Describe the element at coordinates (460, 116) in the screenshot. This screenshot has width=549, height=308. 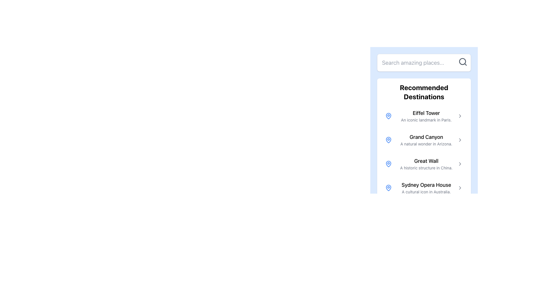
I see `the right-facing chevron icon that indicates navigation, located to the right of the 'Eiffel Tower' text, with a minimal design and gray outline` at that location.